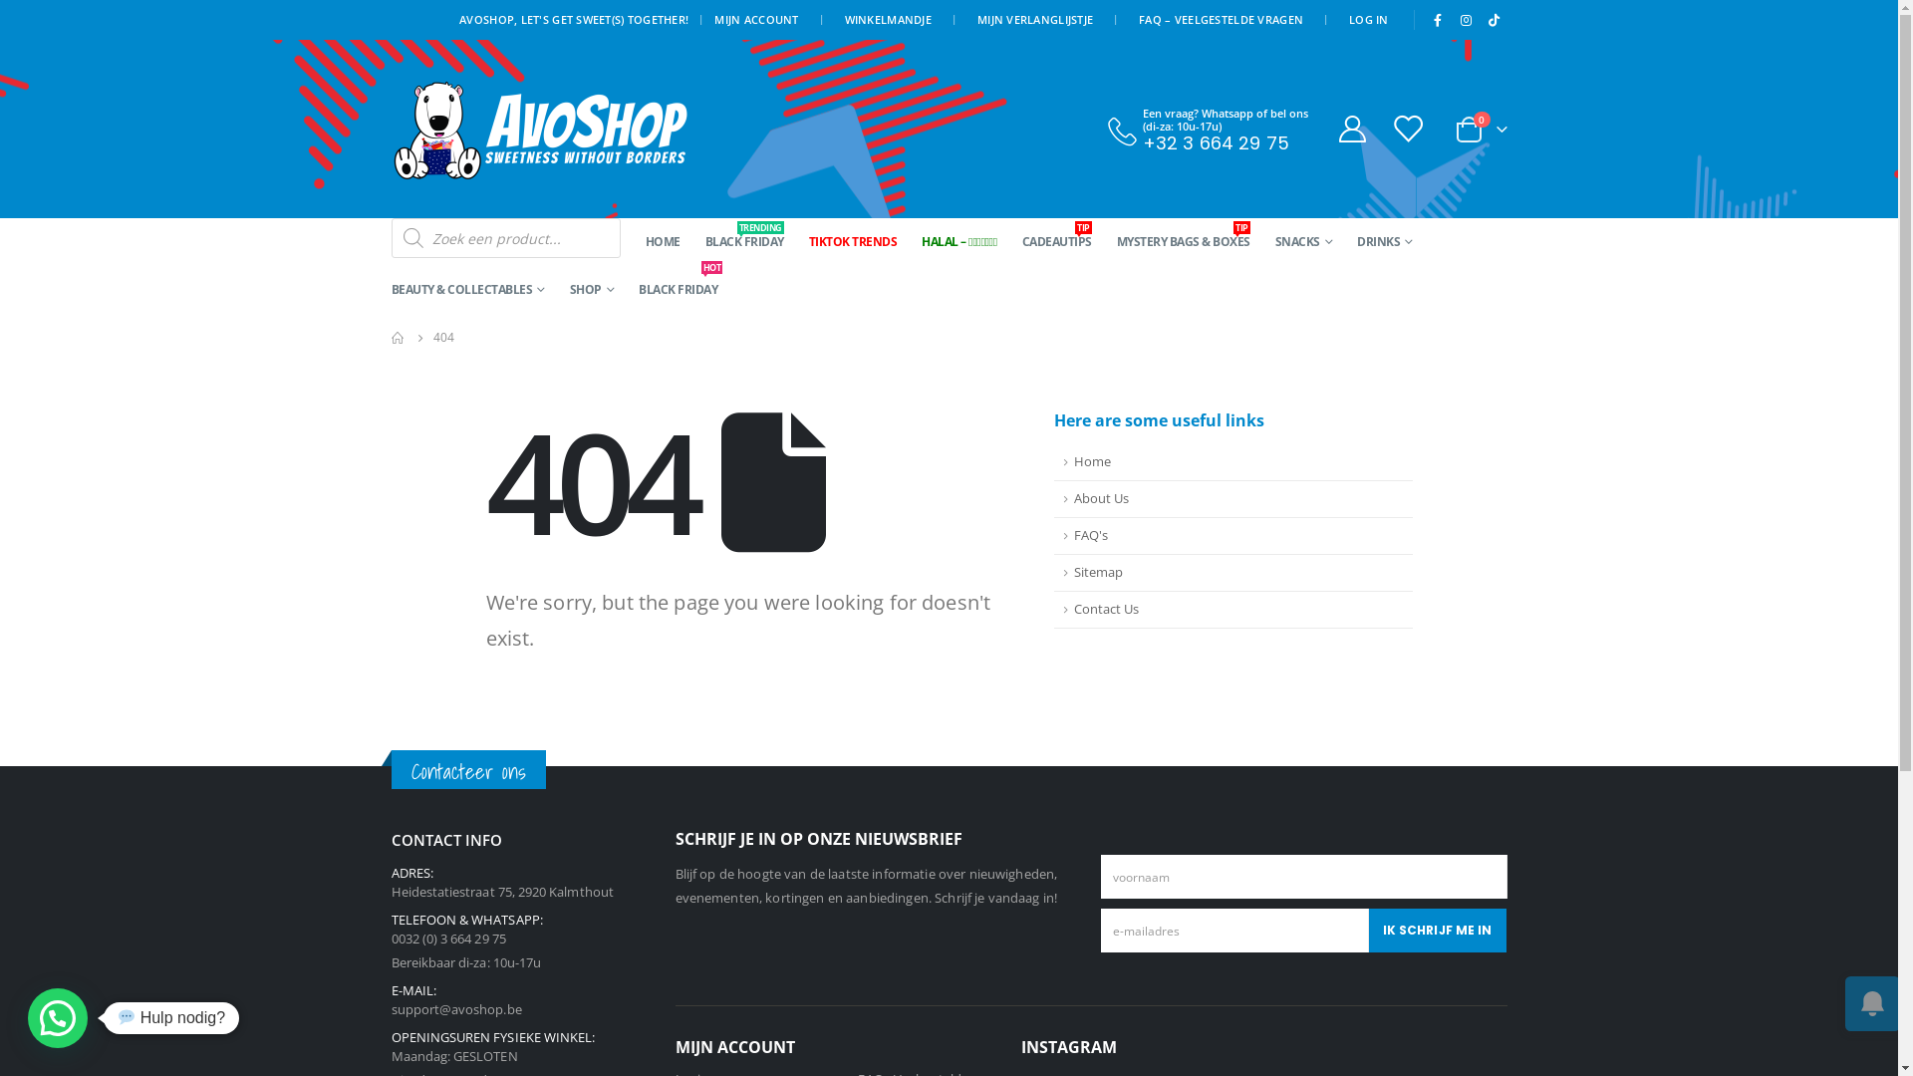 The height and width of the screenshot is (1076, 1913). I want to click on 'Go to Home Page', so click(397, 337).